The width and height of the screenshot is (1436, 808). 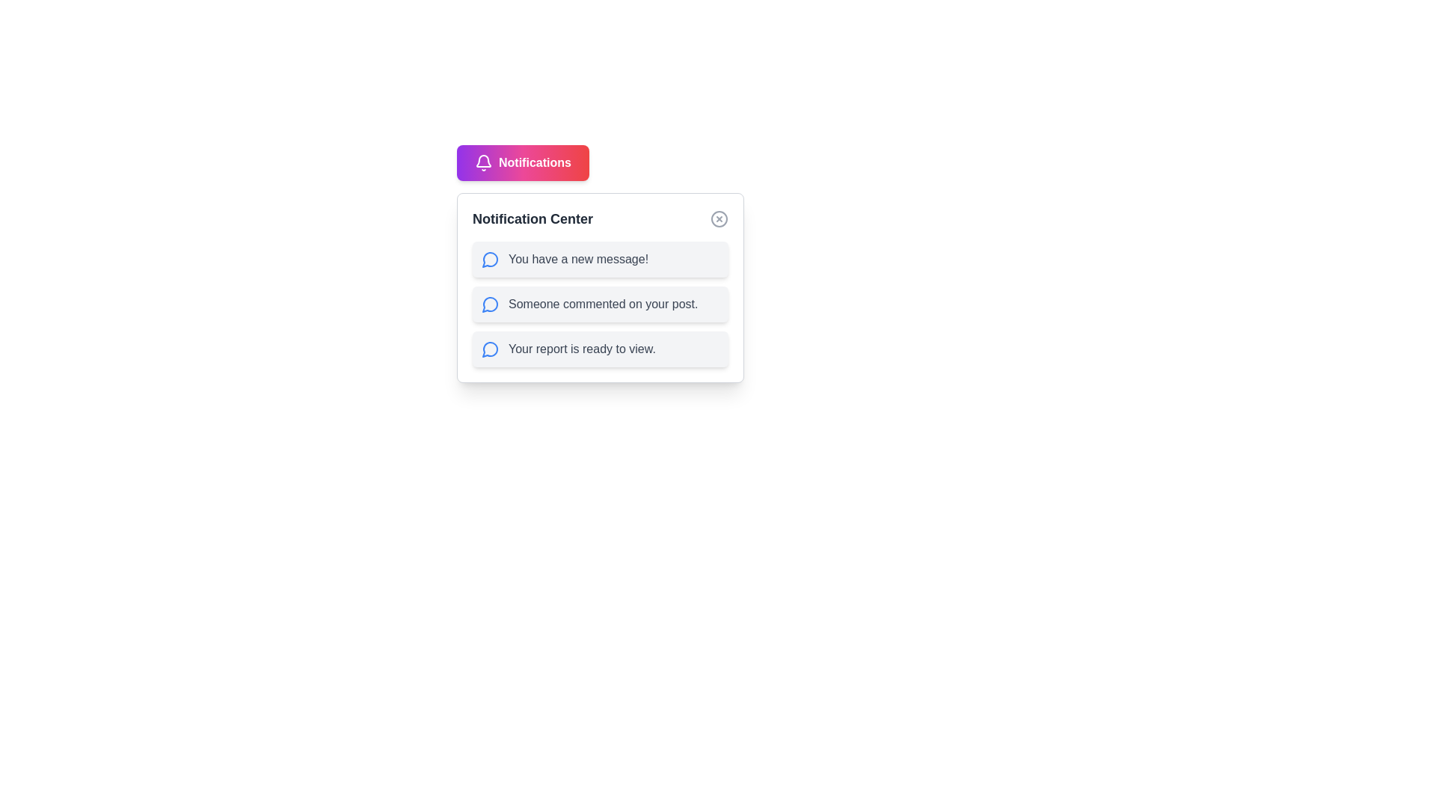 What do you see at coordinates (490, 304) in the screenshot?
I see `the speech bubble icon within the second notification entry of the Notification Center card, which is outlined and styled in a simple design` at bounding box center [490, 304].